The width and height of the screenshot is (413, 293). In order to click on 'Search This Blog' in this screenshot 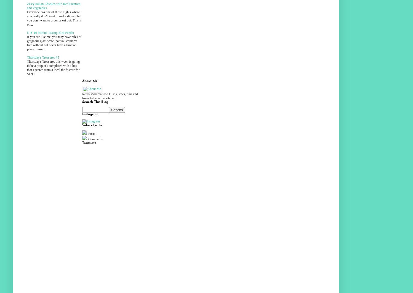, I will do `click(95, 102)`.